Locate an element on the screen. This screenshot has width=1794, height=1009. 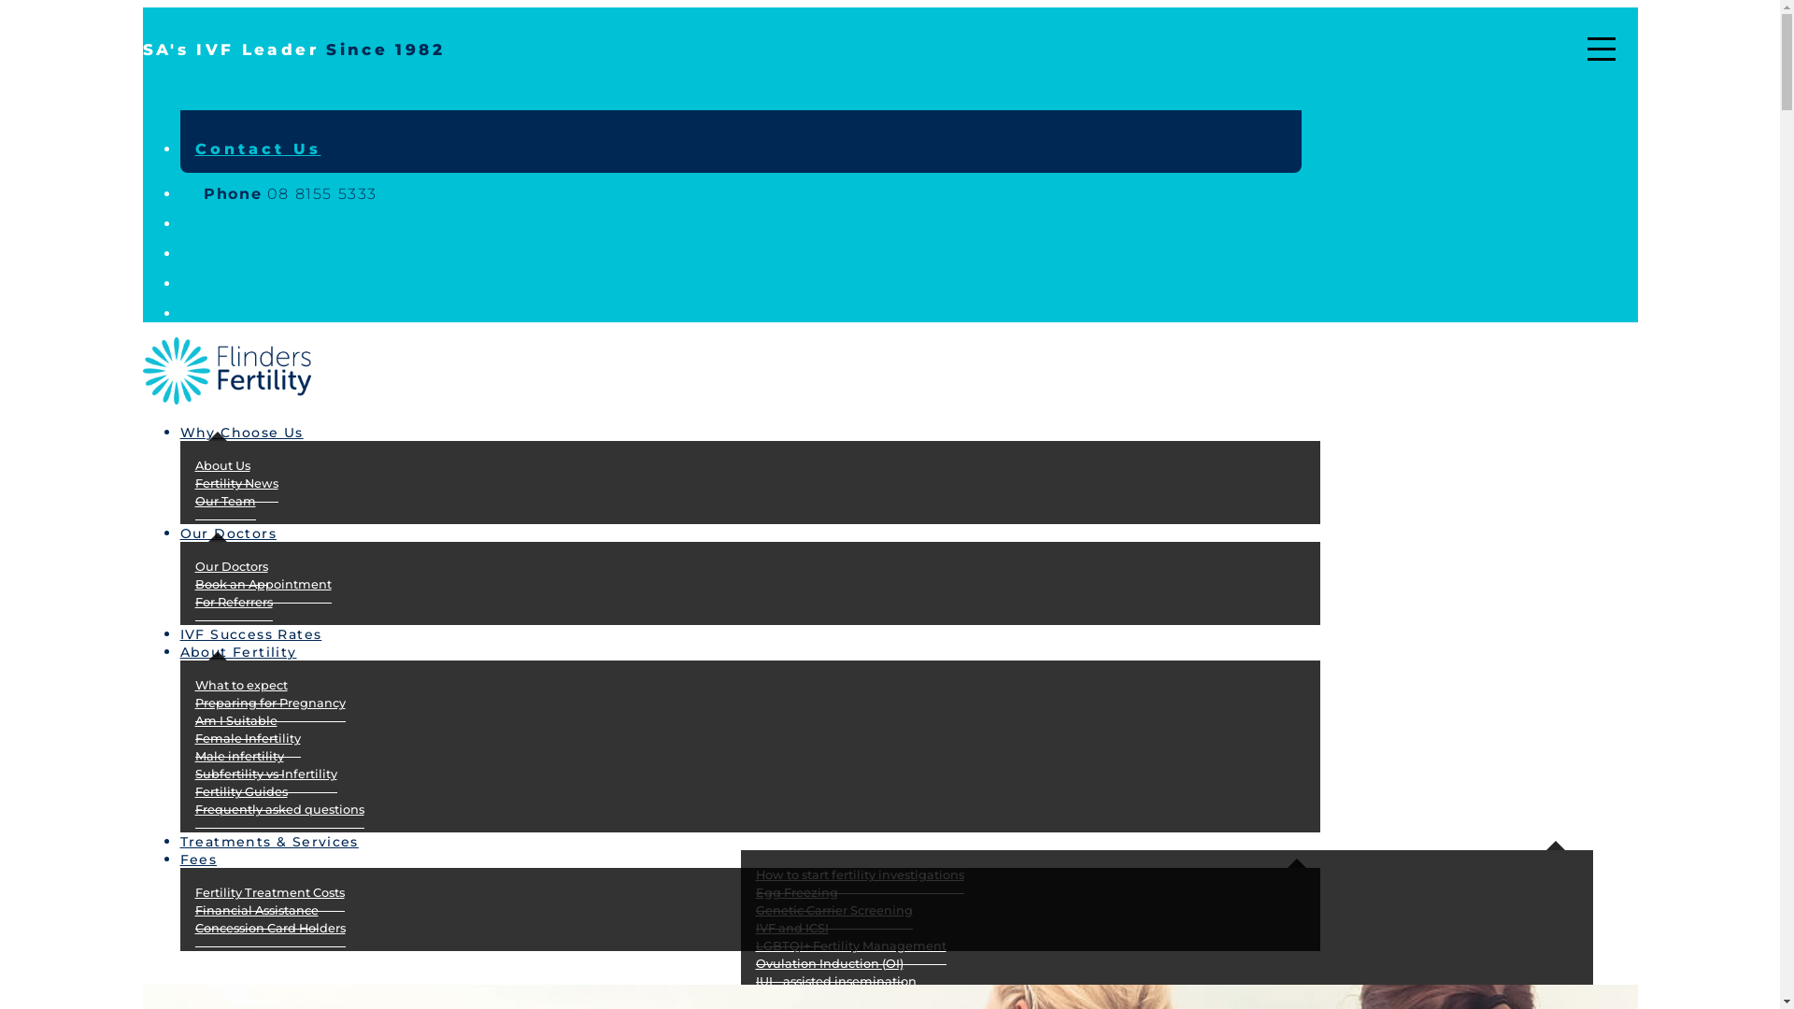
'Genetic Carrier Screening' is located at coordinates (833, 910).